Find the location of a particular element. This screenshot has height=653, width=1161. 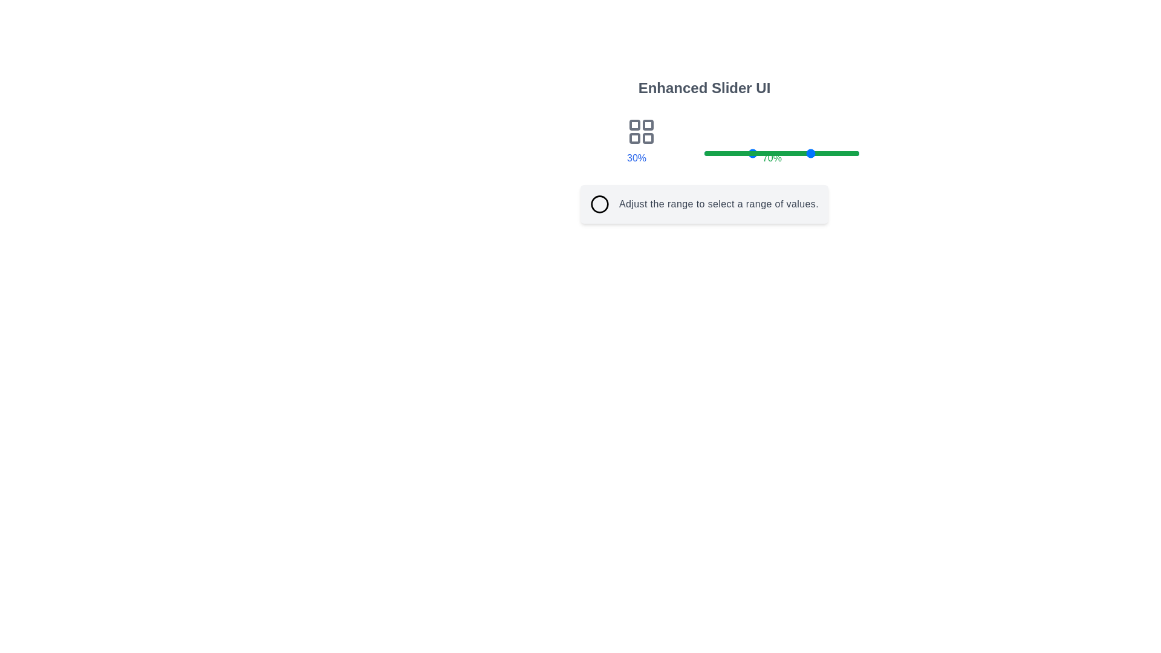

the right slider to set the upper range value to 91% is located at coordinates (844, 153).